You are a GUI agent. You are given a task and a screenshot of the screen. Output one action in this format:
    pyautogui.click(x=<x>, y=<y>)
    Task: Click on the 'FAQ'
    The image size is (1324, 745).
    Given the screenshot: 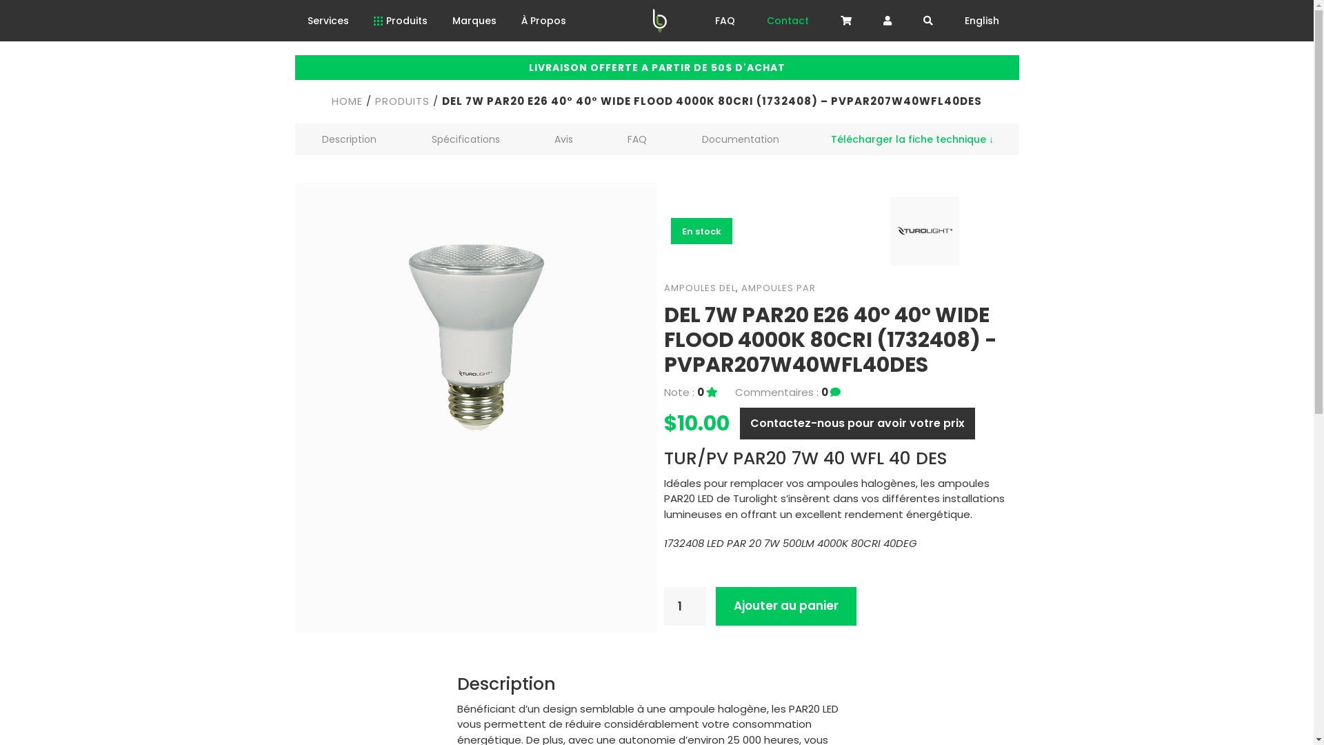 What is the action you would take?
    pyautogui.click(x=724, y=21)
    